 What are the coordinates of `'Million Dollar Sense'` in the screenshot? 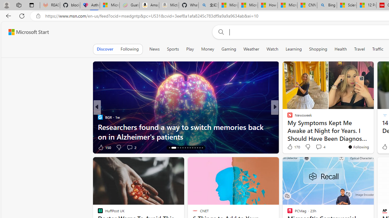 It's located at (287, 127).